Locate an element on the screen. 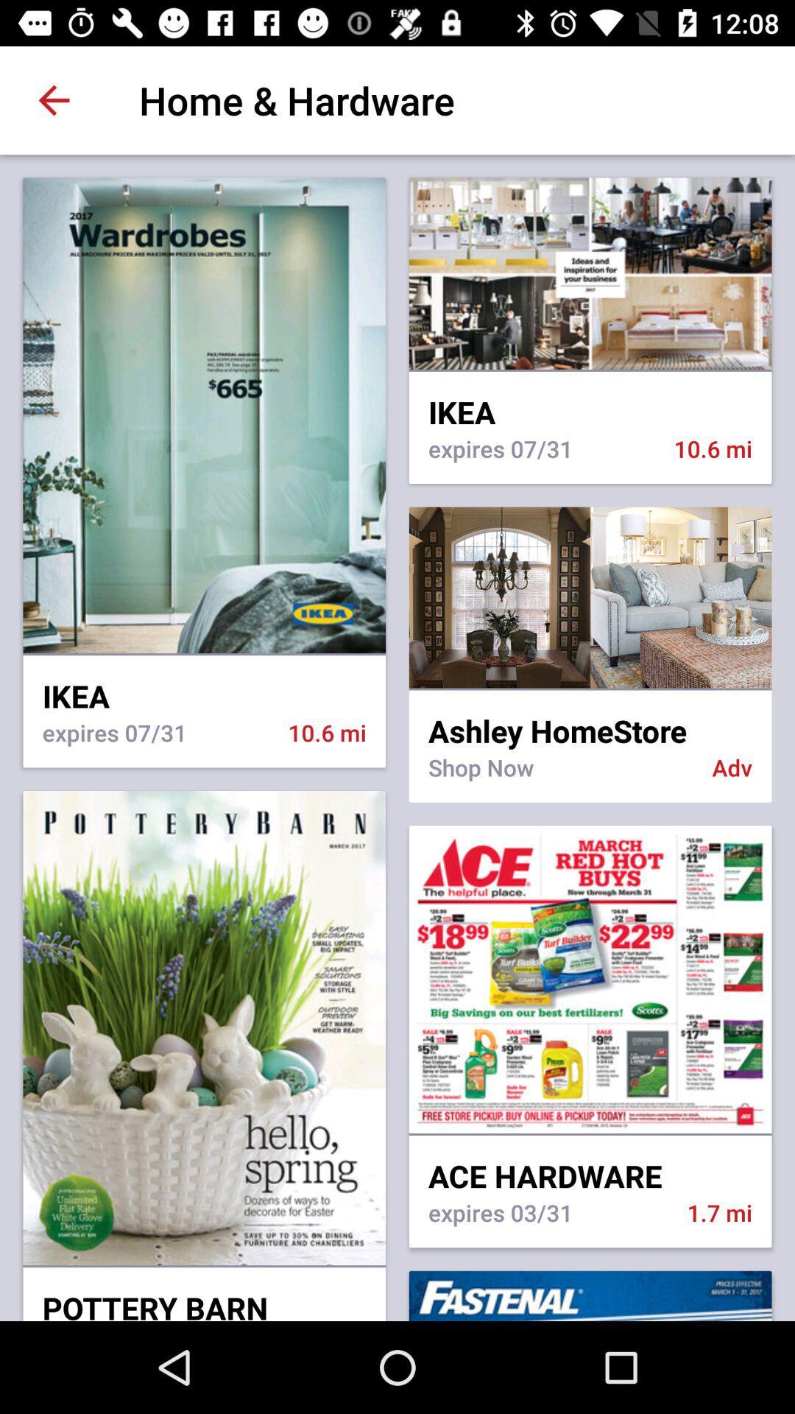 This screenshot has height=1414, width=795. icon to the left of the adv is located at coordinates (560, 776).